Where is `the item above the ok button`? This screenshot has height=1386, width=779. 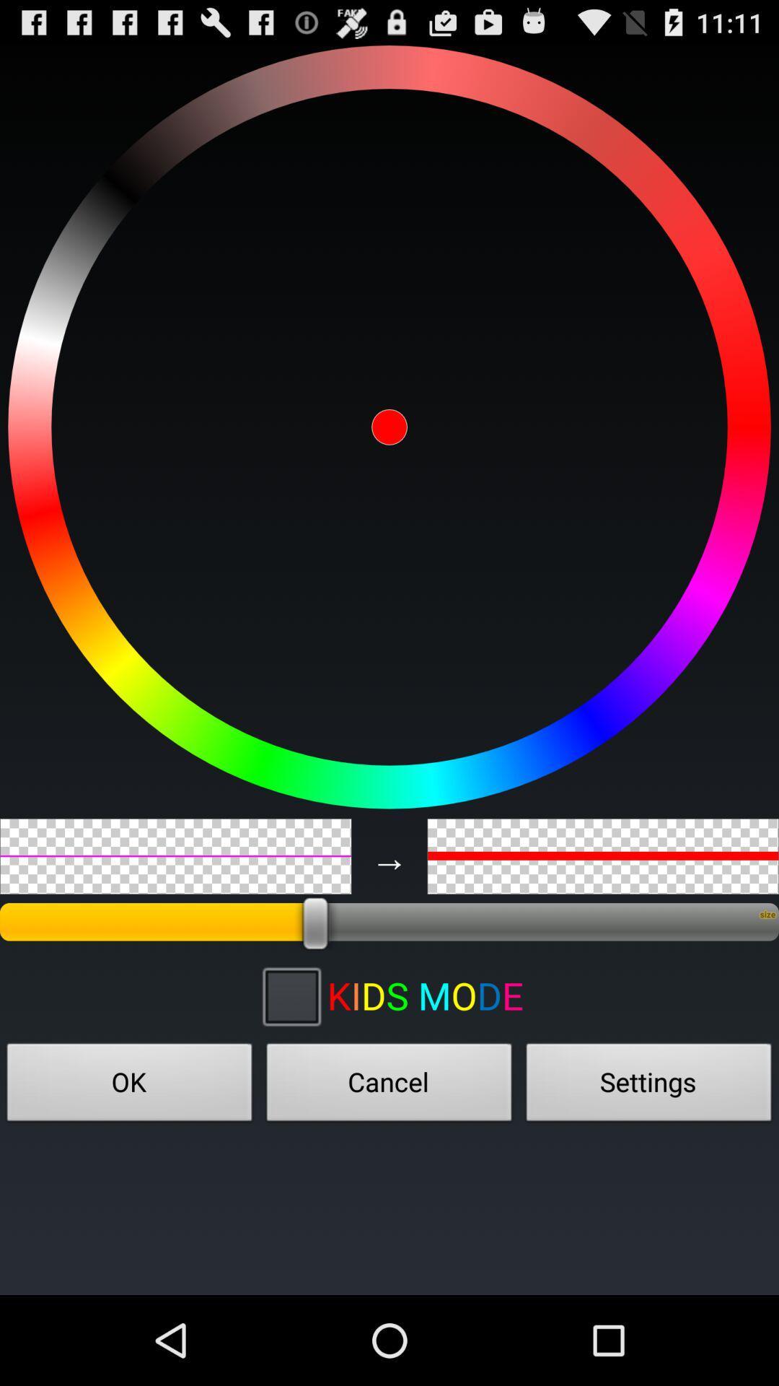
the item above the ok button is located at coordinates (291, 995).